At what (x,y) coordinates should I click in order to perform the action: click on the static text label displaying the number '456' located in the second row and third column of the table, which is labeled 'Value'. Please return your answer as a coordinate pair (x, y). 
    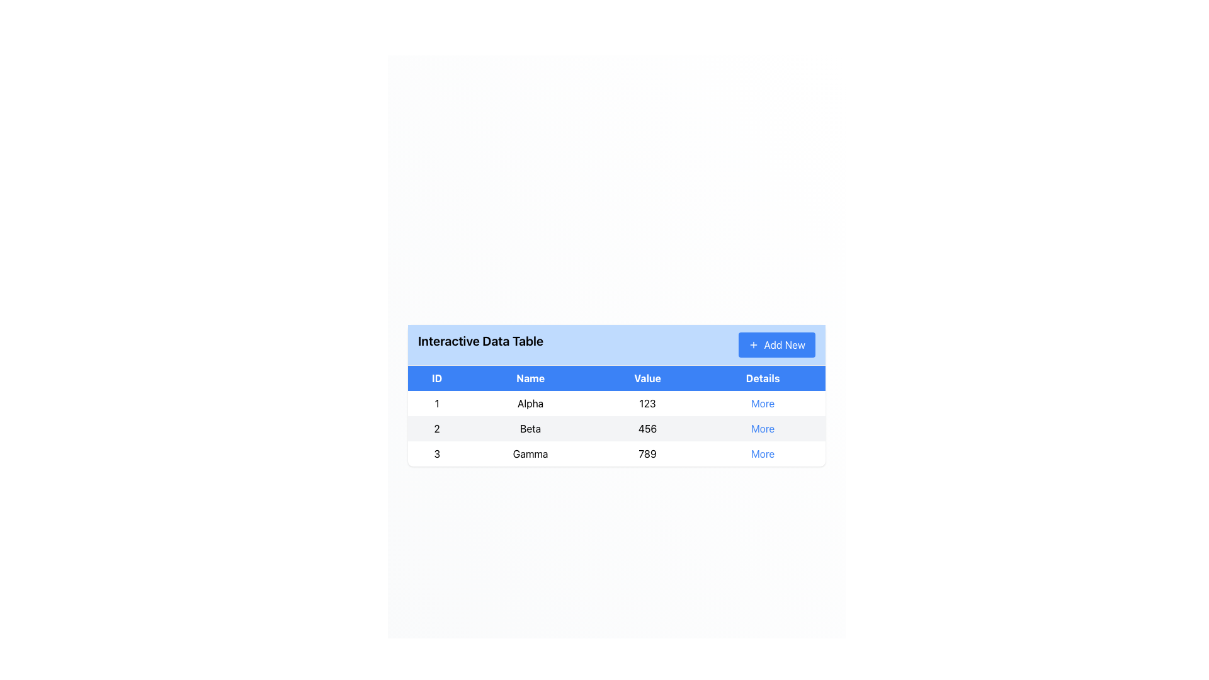
    Looking at the image, I should click on (647, 428).